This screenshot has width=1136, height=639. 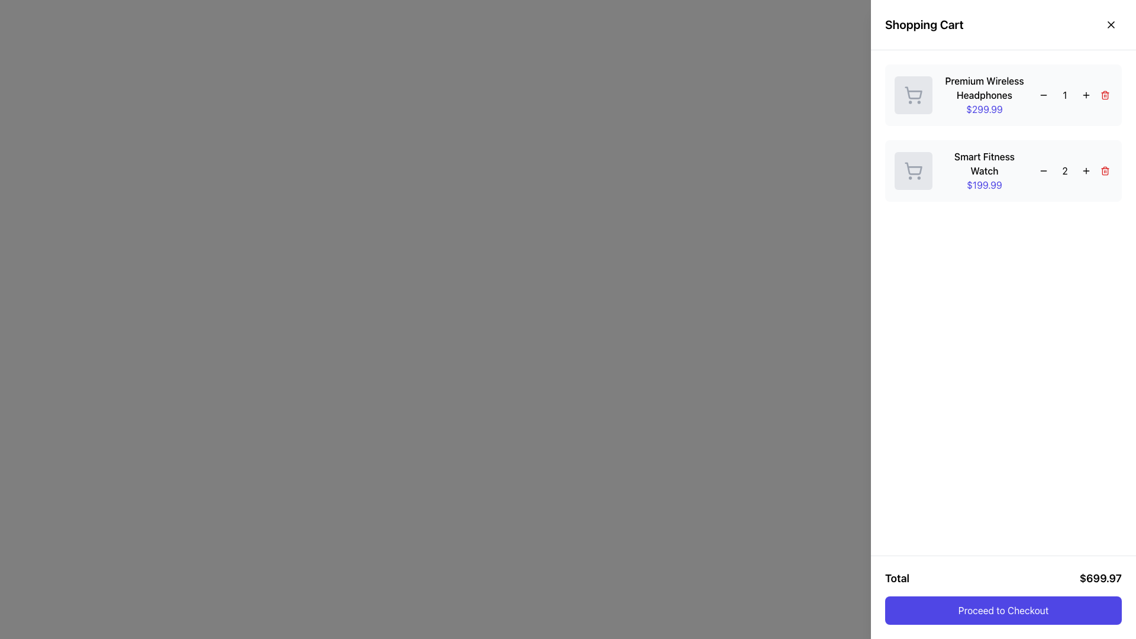 I want to click on the close icon button located at the top-right corner of the shopping cart panel, so click(x=1110, y=25).